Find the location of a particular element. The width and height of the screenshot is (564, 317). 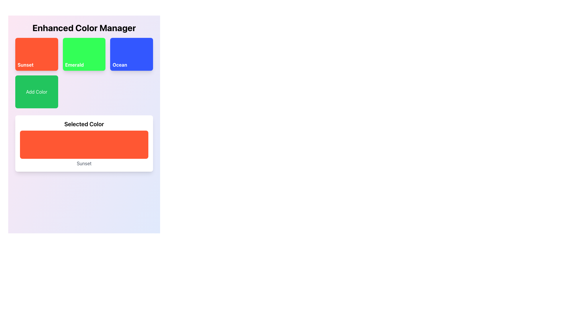

the 'Emerald' tile in the colored grid layout is located at coordinates (84, 73).